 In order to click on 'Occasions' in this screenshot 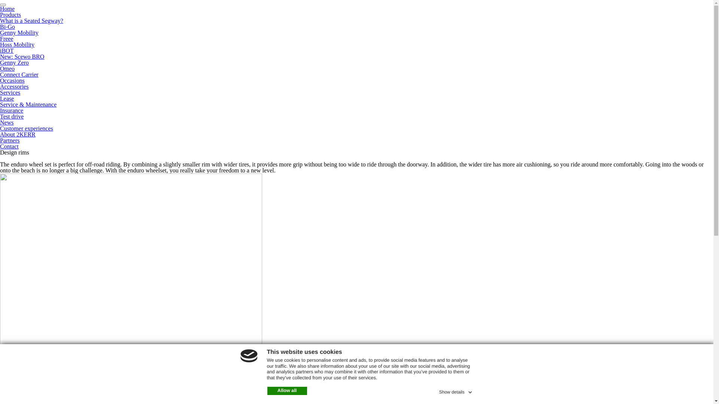, I will do `click(0, 80)`.